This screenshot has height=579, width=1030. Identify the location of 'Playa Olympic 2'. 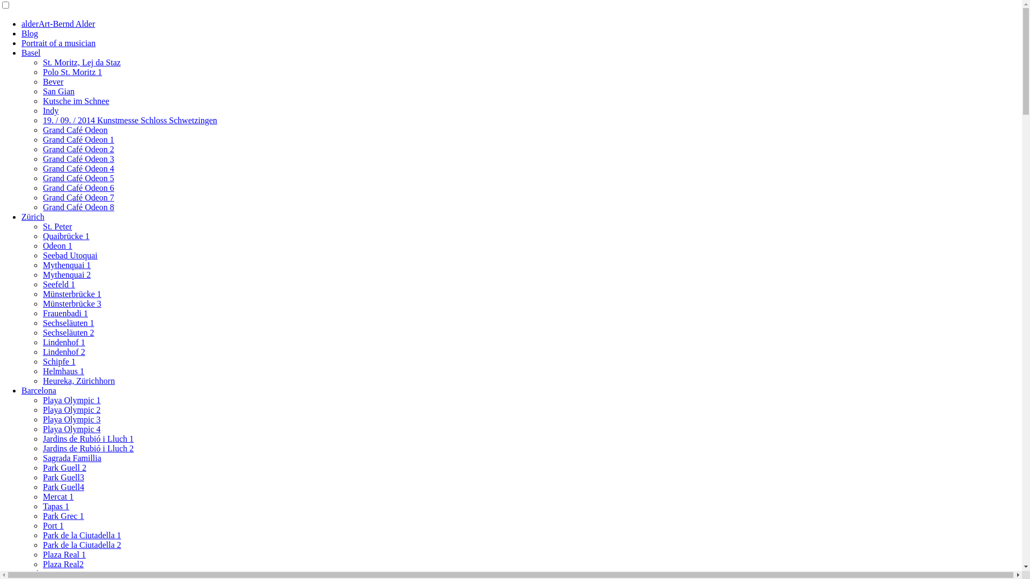
(71, 410).